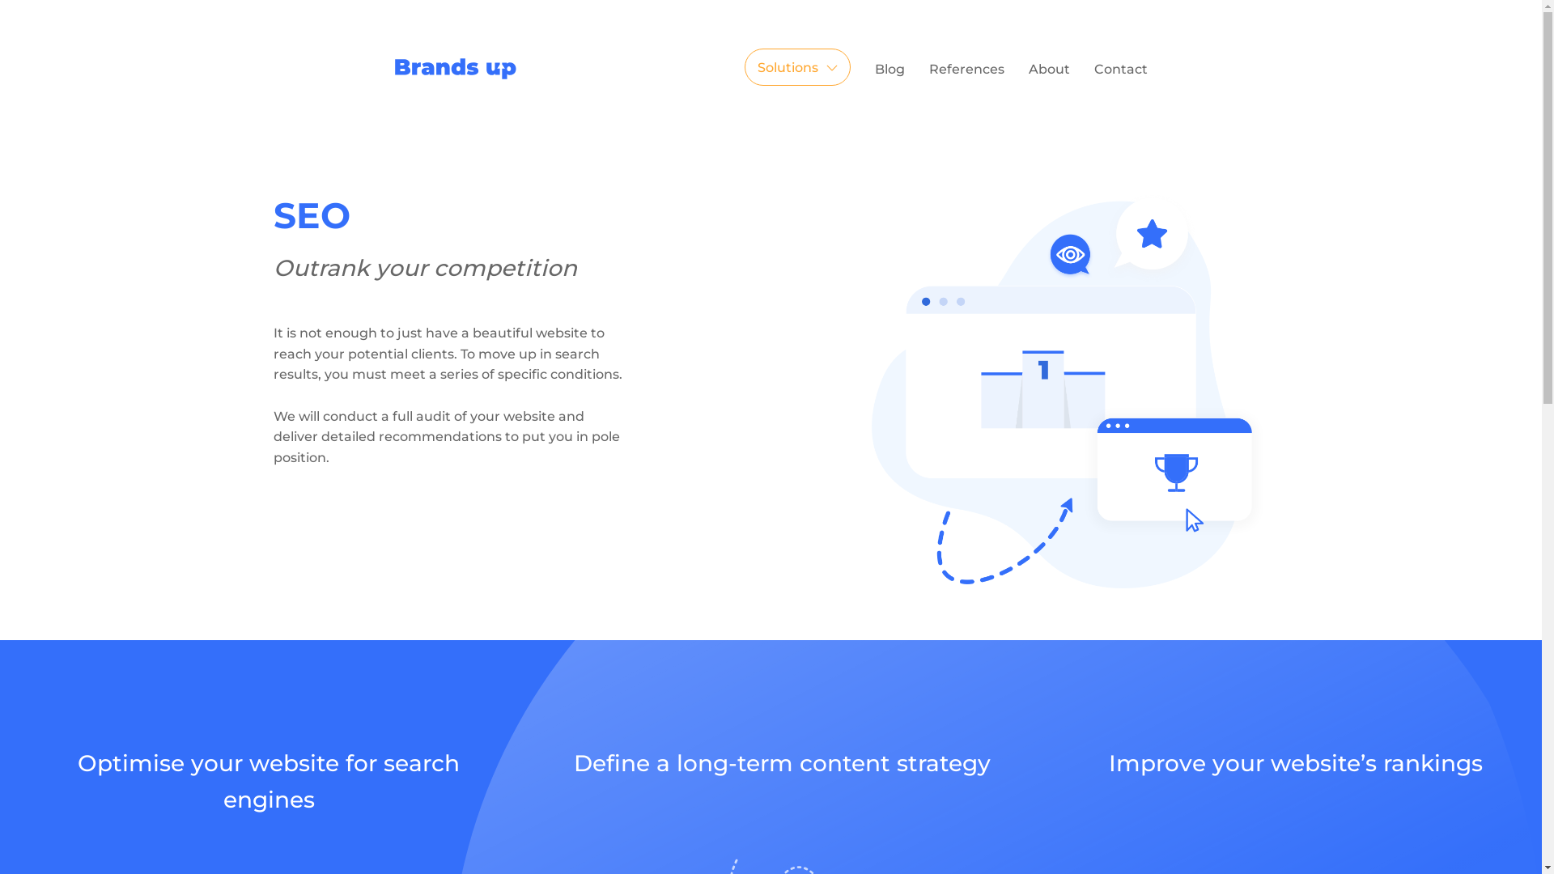 The image size is (1554, 874). Describe the element at coordinates (1048, 68) in the screenshot. I see `'About'` at that location.